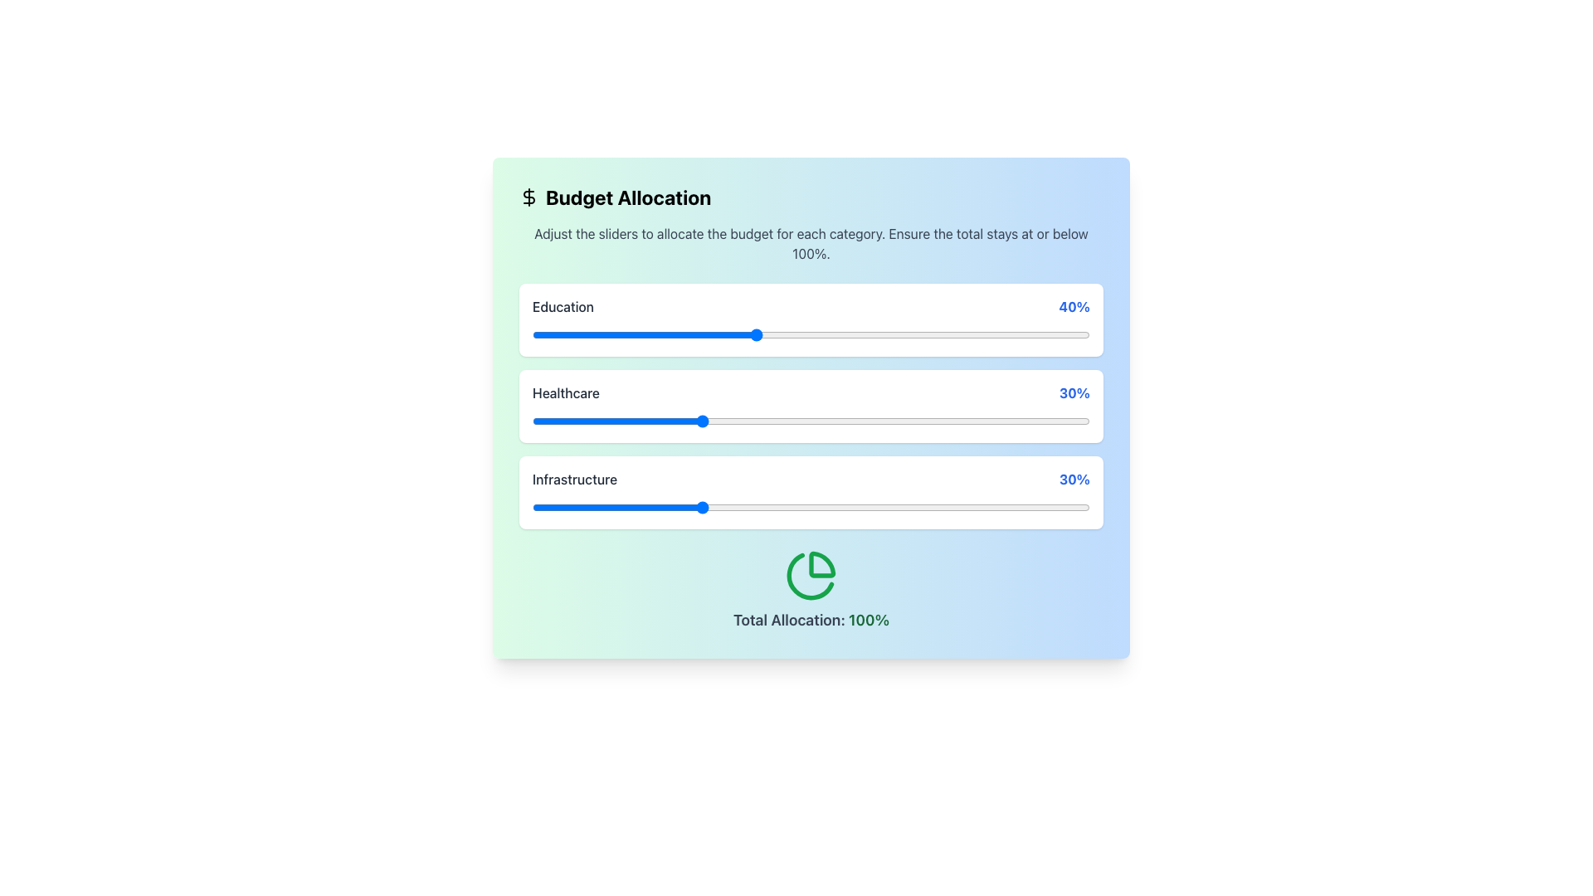  What do you see at coordinates (672, 421) in the screenshot?
I see `healthcare budget allocation` at bounding box center [672, 421].